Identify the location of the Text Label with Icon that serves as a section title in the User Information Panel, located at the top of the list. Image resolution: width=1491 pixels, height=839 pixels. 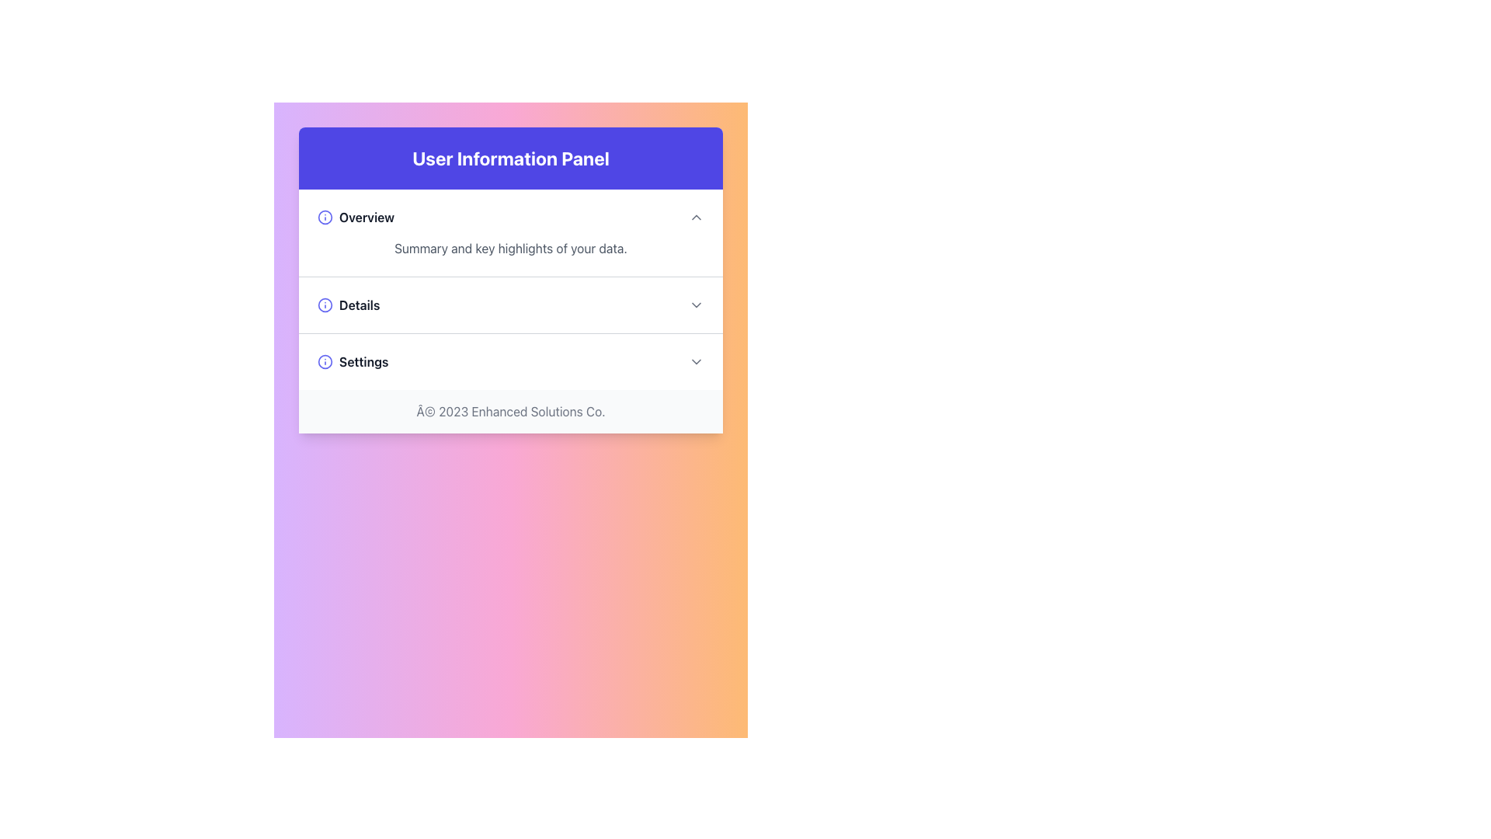
(355, 218).